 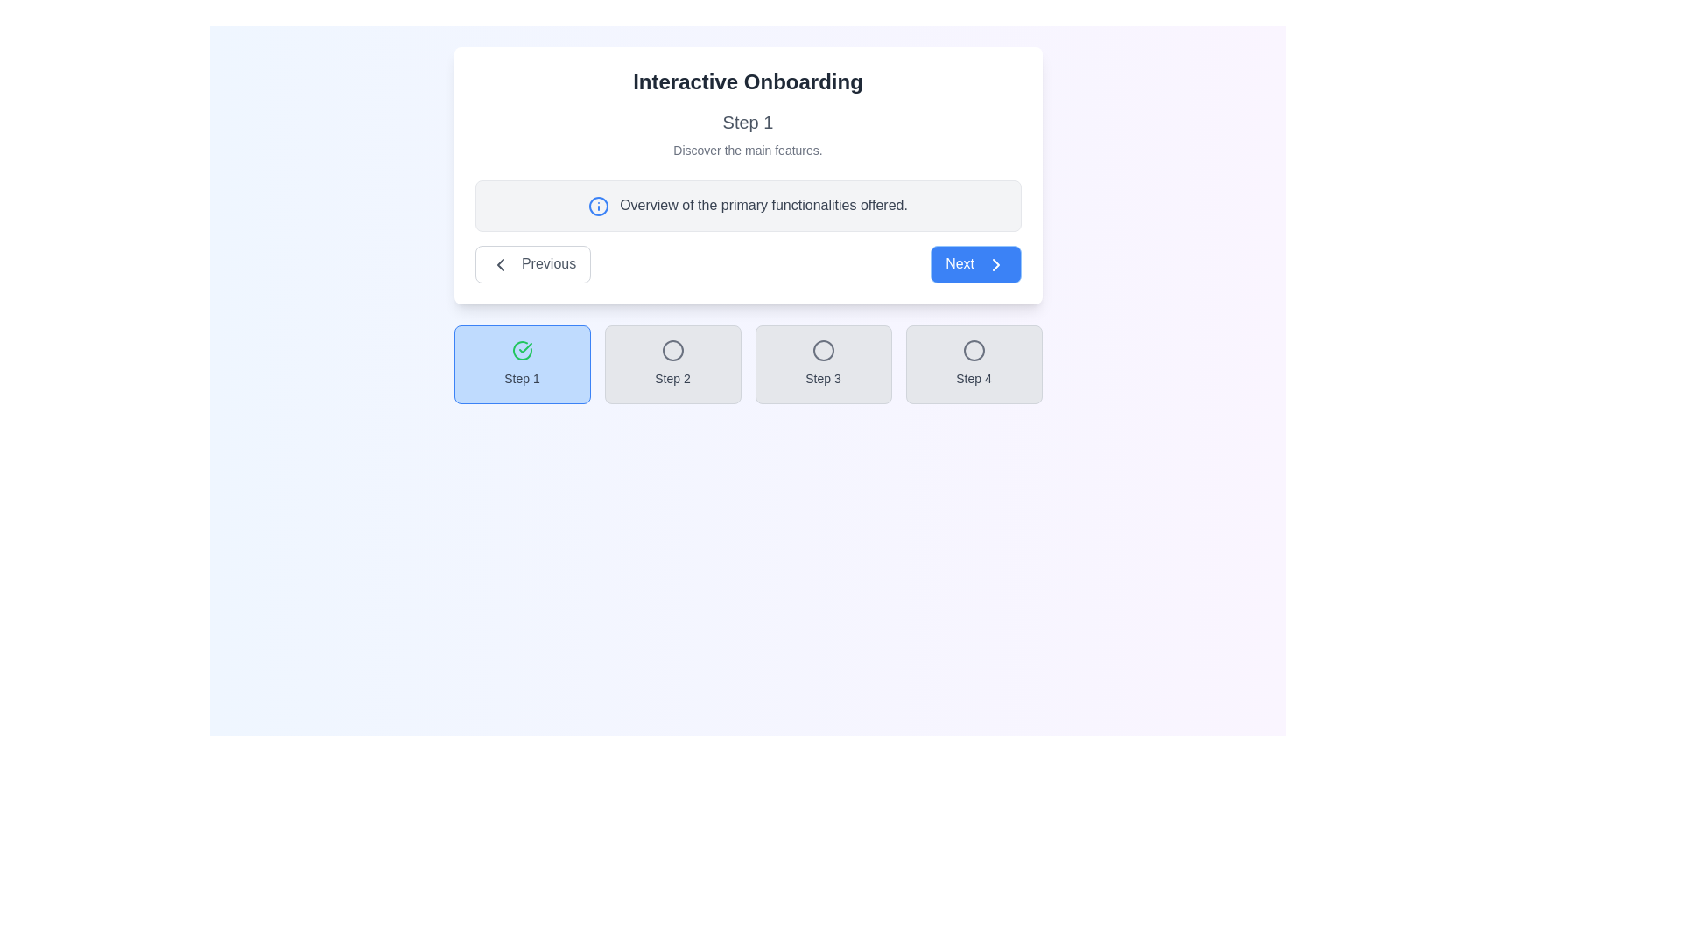 I want to click on the step indicator text display that highlights the current or initial step in the onboarding guide, located centrally under the main heading 'Interactive Onboarding', so click(x=748, y=121).